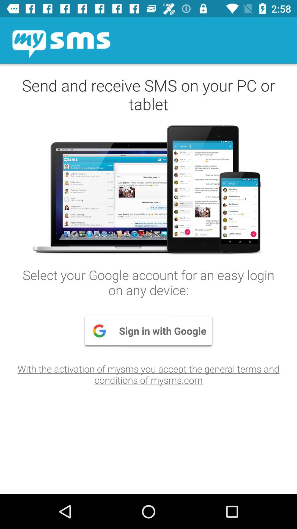 This screenshot has width=297, height=529. I want to click on the item above the with the activation icon, so click(148, 331).